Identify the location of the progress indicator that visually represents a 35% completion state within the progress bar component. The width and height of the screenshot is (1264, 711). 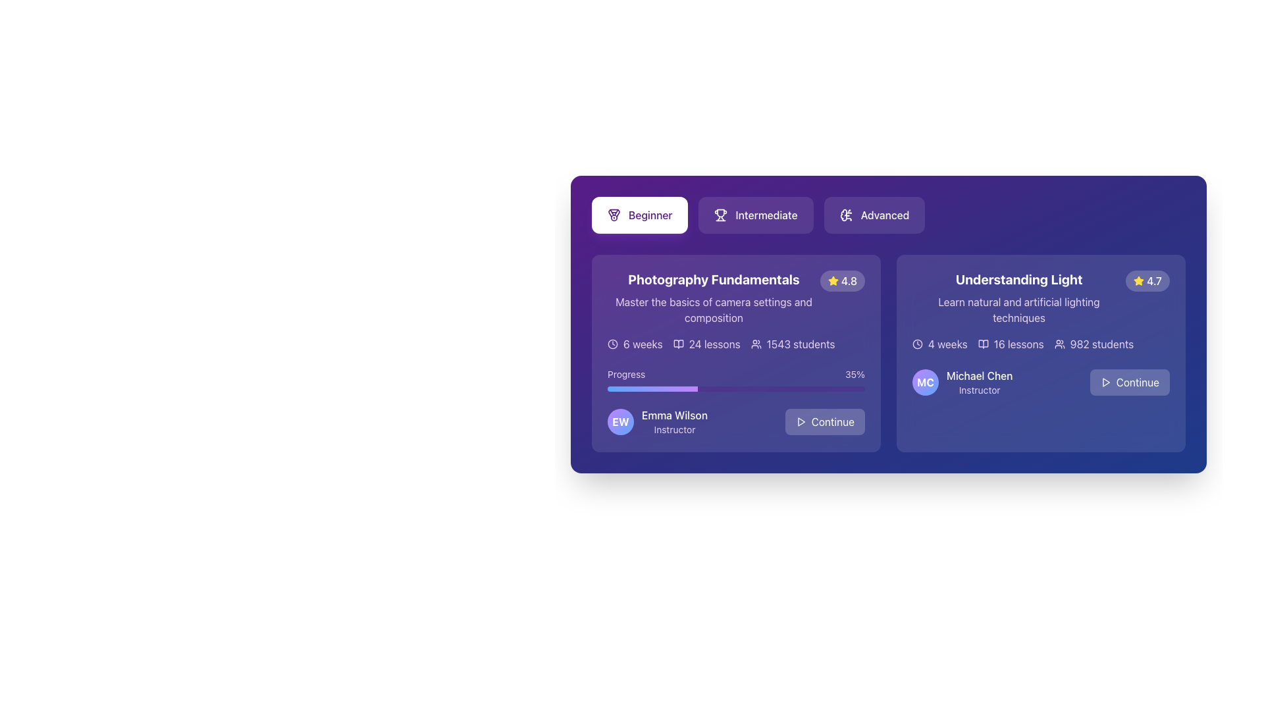
(652, 388).